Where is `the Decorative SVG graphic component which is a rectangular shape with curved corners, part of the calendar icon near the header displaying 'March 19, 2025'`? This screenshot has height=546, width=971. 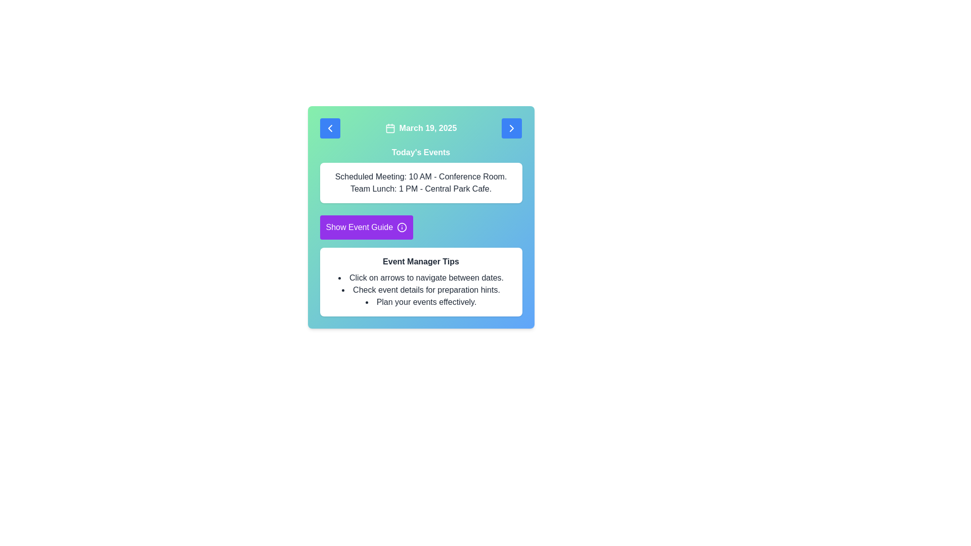
the Decorative SVG graphic component which is a rectangular shape with curved corners, part of the calendar icon near the header displaying 'March 19, 2025' is located at coordinates (389, 128).